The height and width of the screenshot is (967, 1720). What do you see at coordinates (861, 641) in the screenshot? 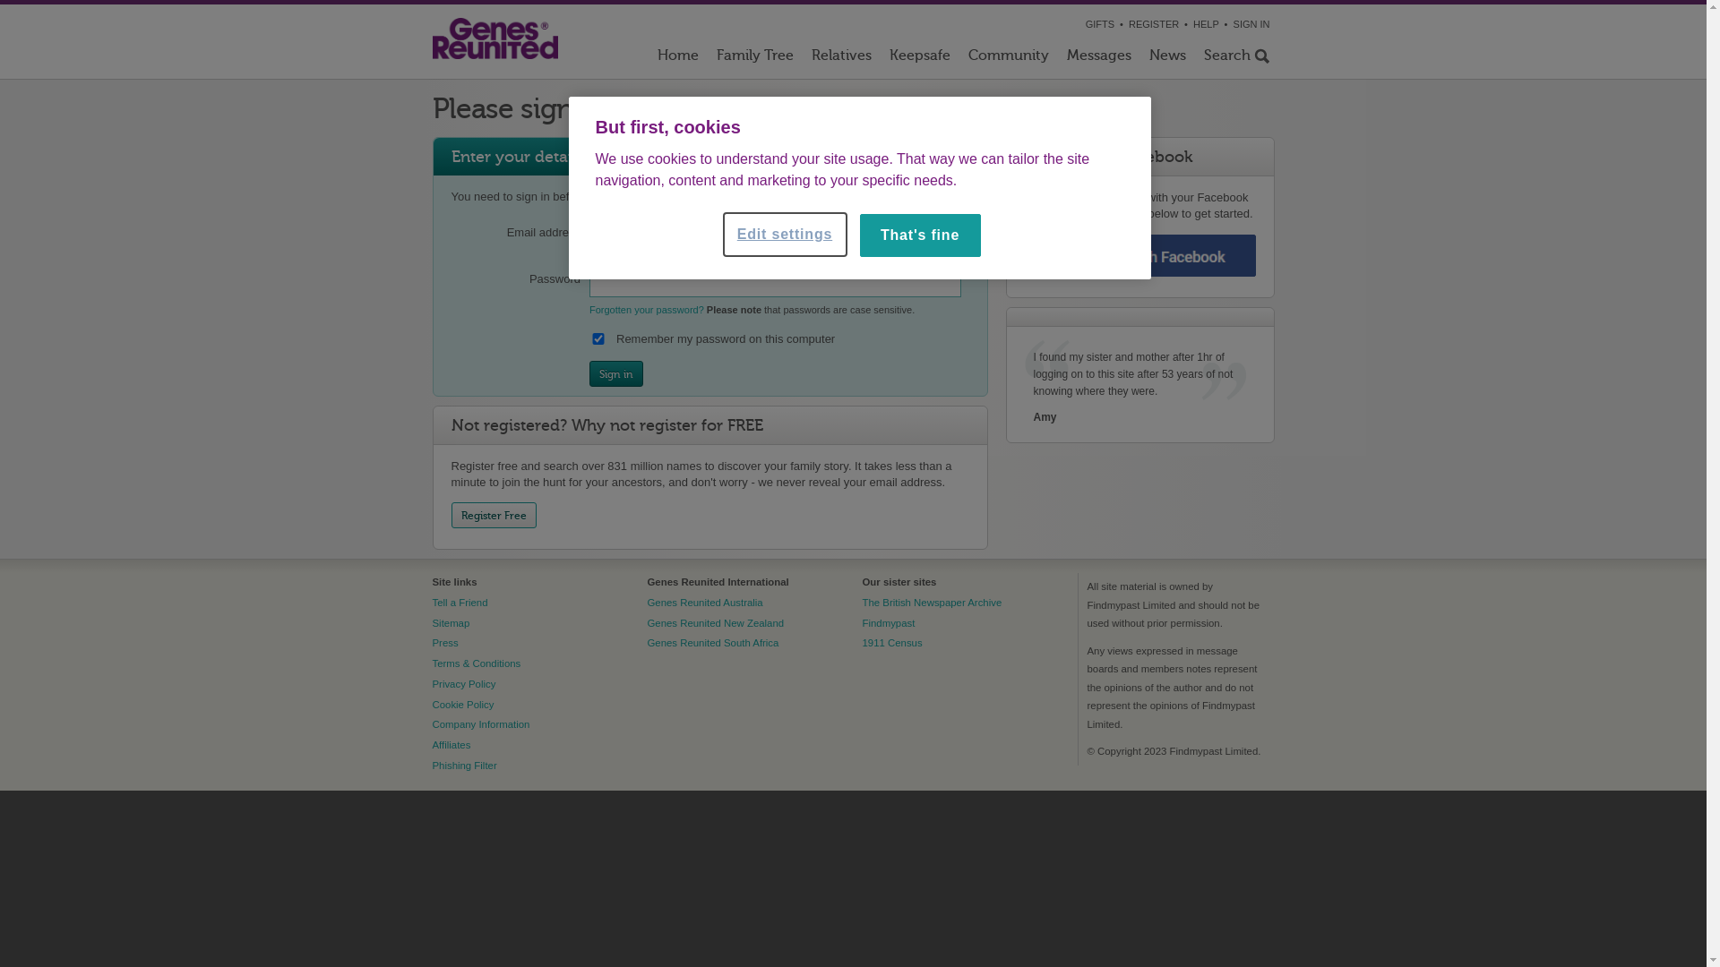
I see `'1911 Census'` at bounding box center [861, 641].